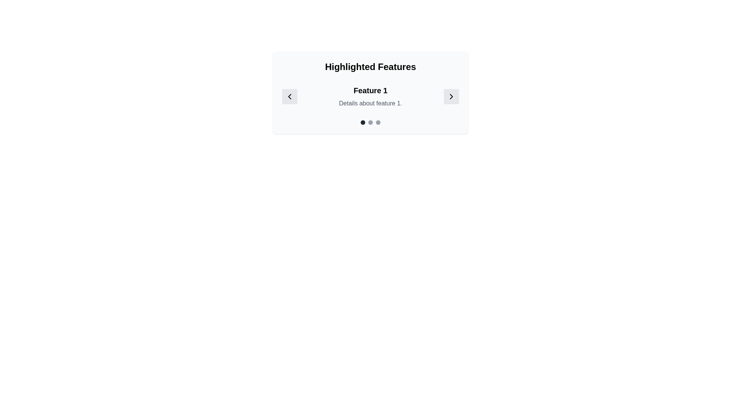 Image resolution: width=732 pixels, height=411 pixels. What do you see at coordinates (370, 90) in the screenshot?
I see `the Header text displaying 'Feature 1', which is styled with a large, bold font and is centered below 'Highlighted Features' and above 'Details about feature 1'` at bounding box center [370, 90].